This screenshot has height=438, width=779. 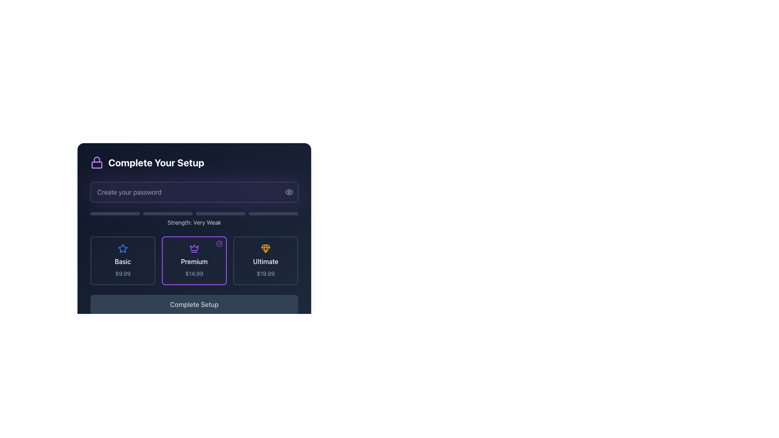 I want to click on the third segment of the horizontal progress bar, which is dark slate colored and rounded, located centrally near the top of the interface just below the password input field, so click(x=220, y=213).